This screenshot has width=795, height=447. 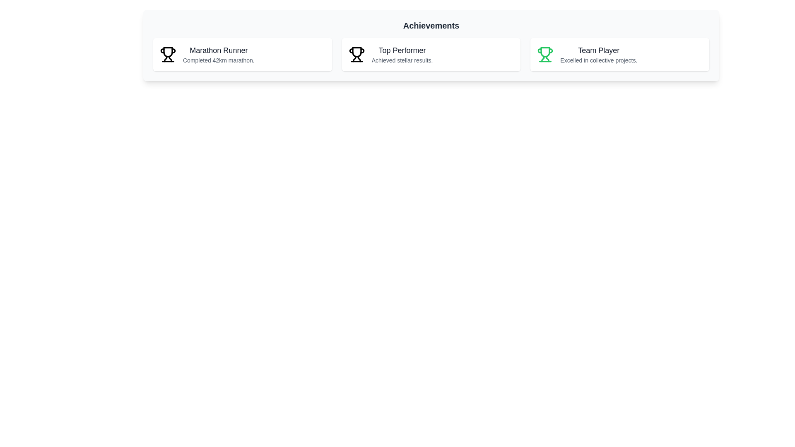 I want to click on the descriptive text element located directly below the heading 'Team Player' in the achievement card featuring a green trophy icon, so click(x=599, y=60).